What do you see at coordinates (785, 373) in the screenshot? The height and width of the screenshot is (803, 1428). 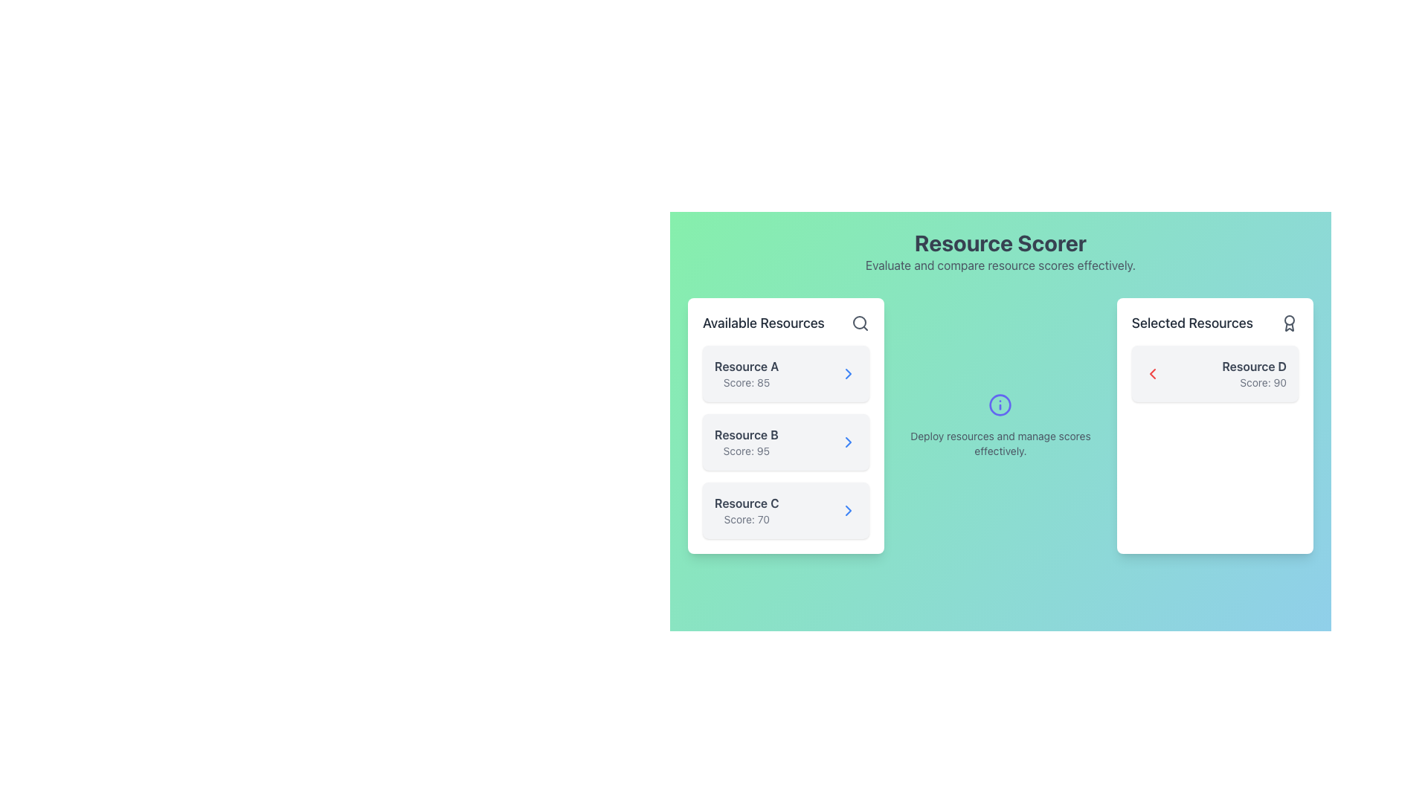 I see `the first interactive card titled 'Resource A' in the 'Available Resources' section` at bounding box center [785, 373].